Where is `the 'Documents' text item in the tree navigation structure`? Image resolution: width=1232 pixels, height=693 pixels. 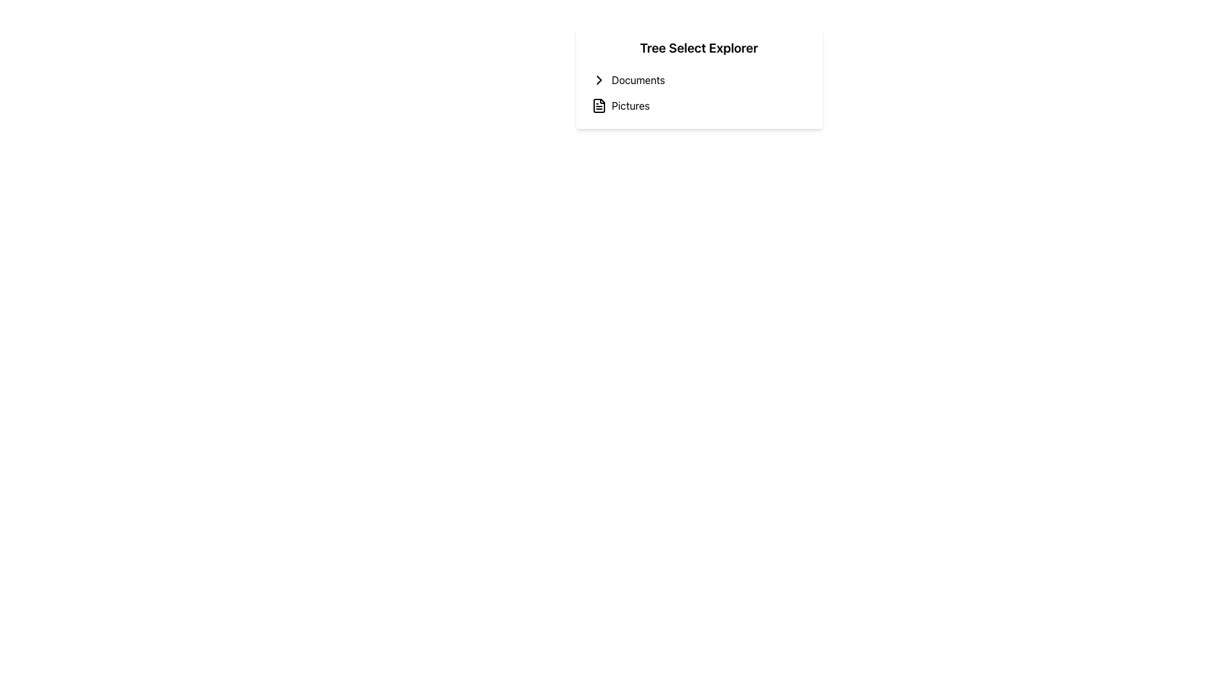 the 'Documents' text item in the tree navigation structure is located at coordinates (638, 80).